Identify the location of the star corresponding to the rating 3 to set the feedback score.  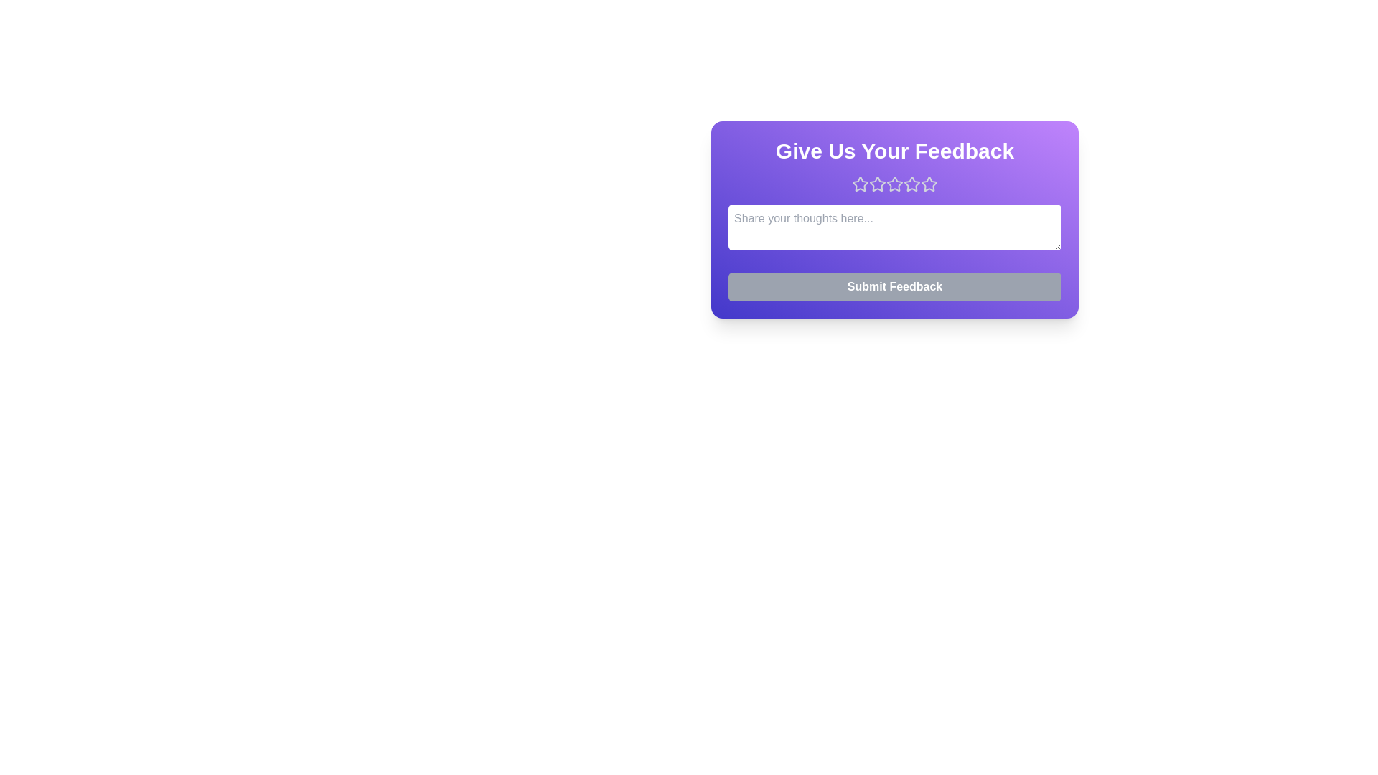
(894, 184).